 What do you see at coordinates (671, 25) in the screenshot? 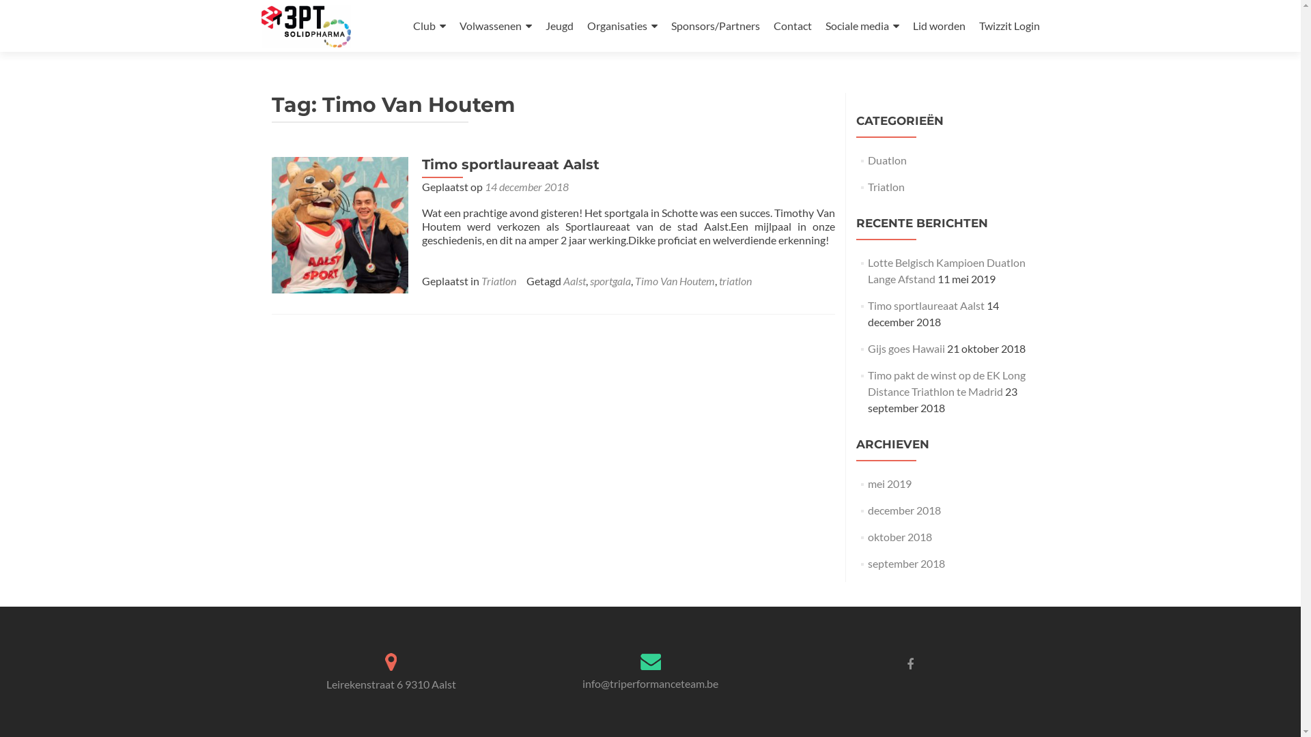
I see `'Sponsors/Partners'` at bounding box center [671, 25].